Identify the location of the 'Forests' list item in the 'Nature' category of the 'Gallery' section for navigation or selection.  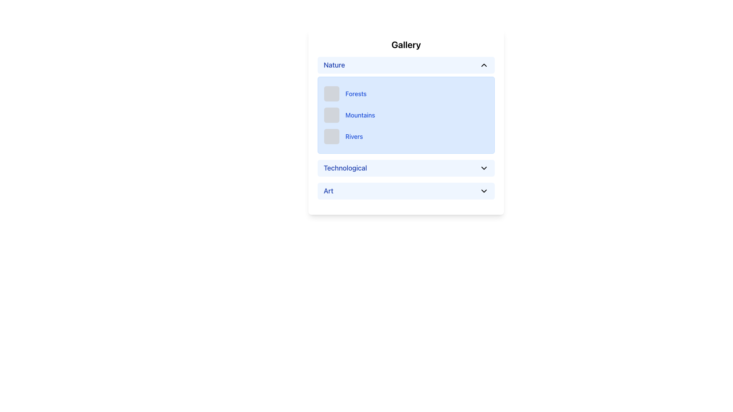
(406, 93).